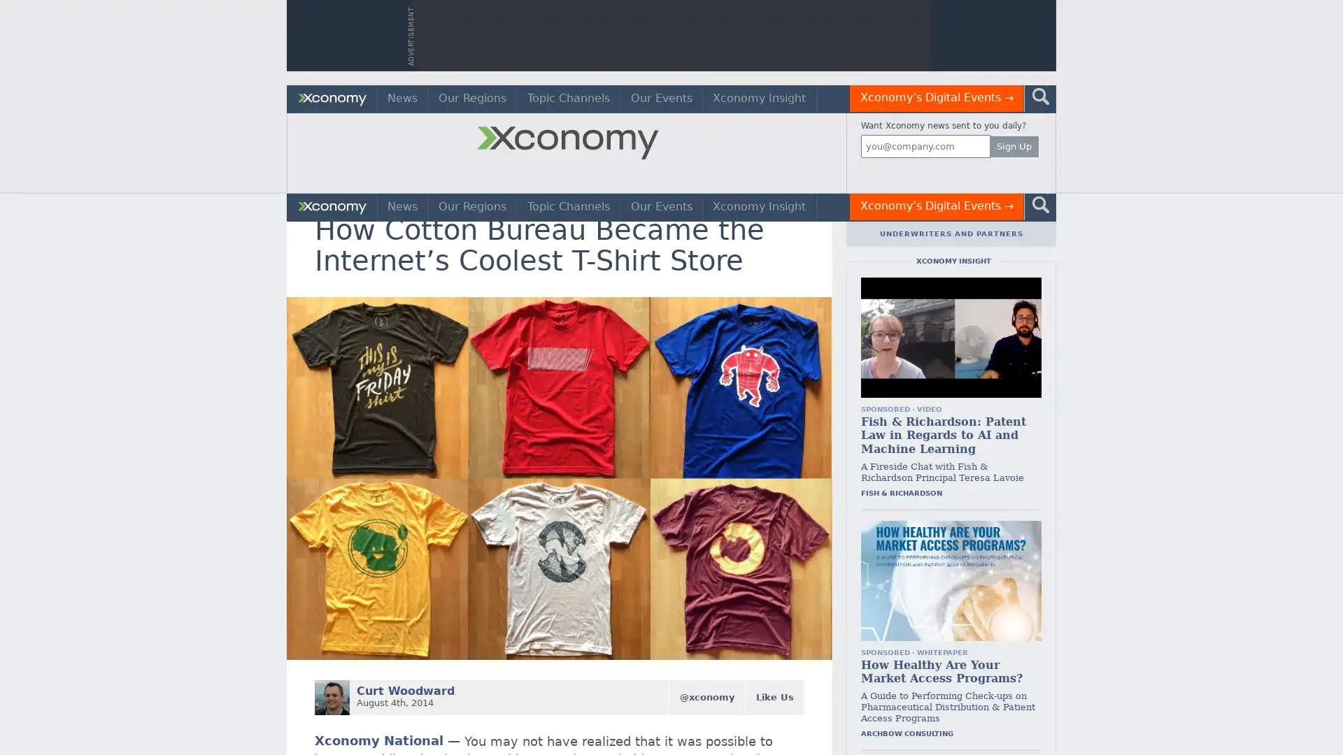 Image resolution: width=1343 pixels, height=755 pixels. I want to click on Sign Up, so click(1014, 146).